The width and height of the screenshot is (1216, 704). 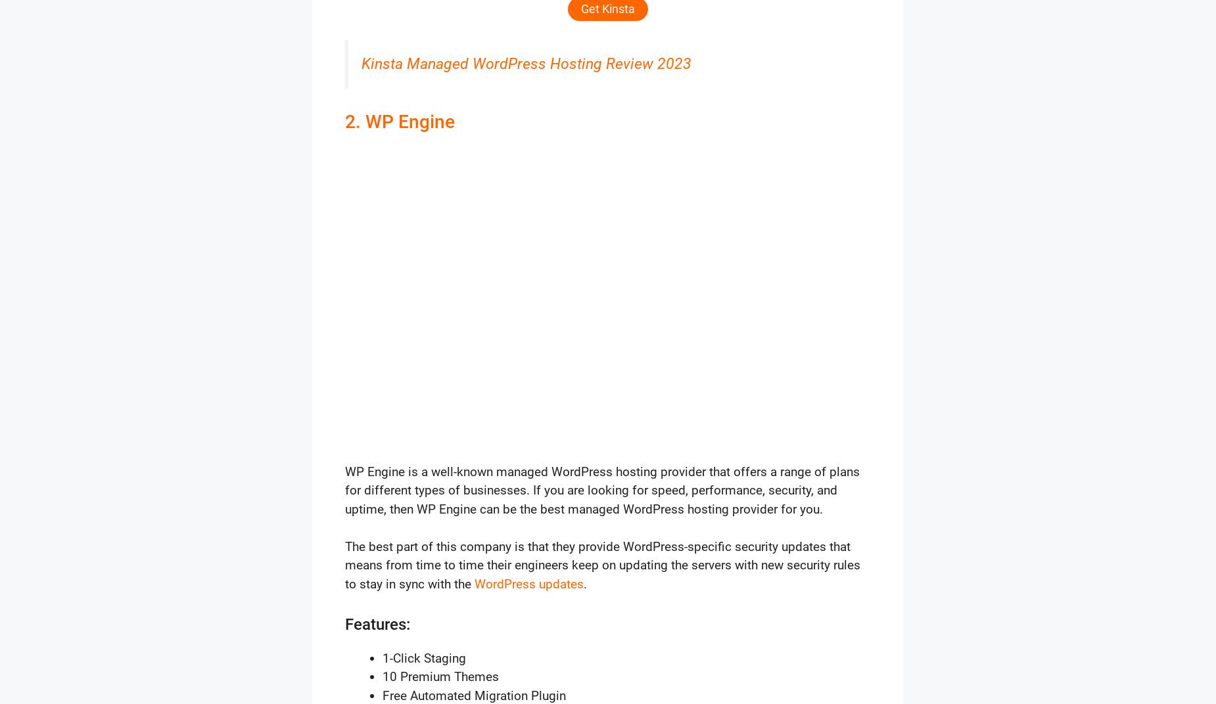 I want to click on '2. WP Engine', so click(x=400, y=121).